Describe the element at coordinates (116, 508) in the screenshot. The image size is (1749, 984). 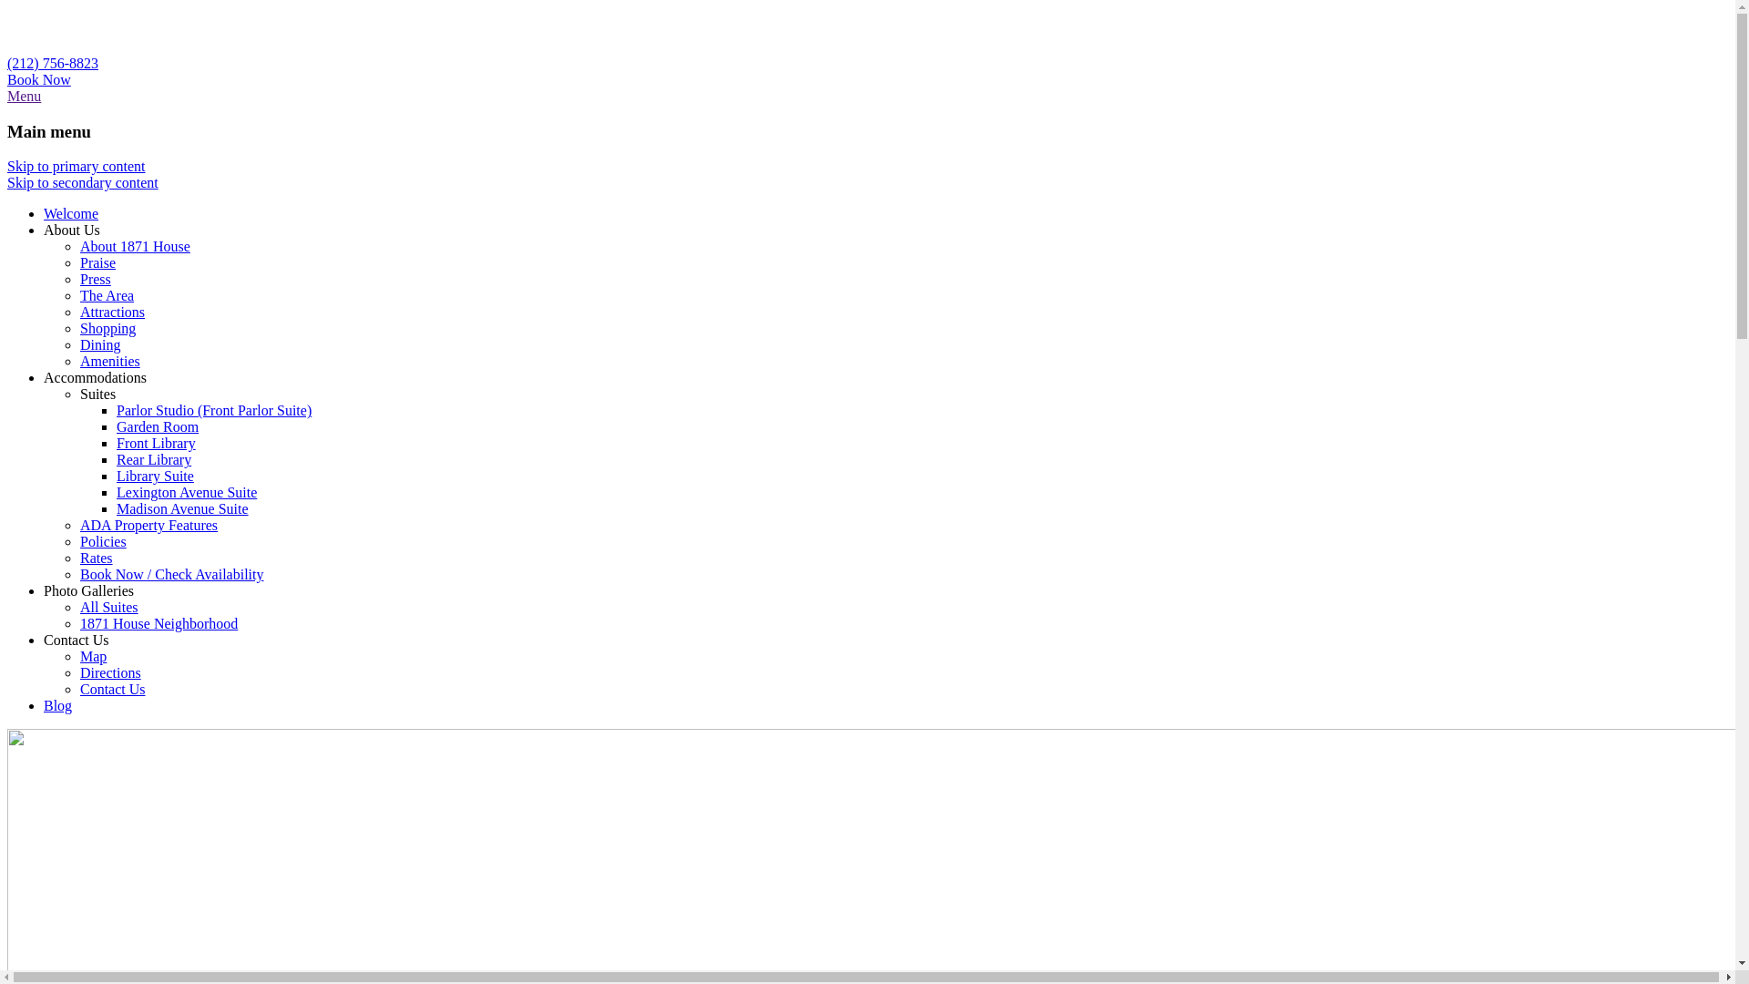
I see `'Madison Avenue Suite'` at that location.